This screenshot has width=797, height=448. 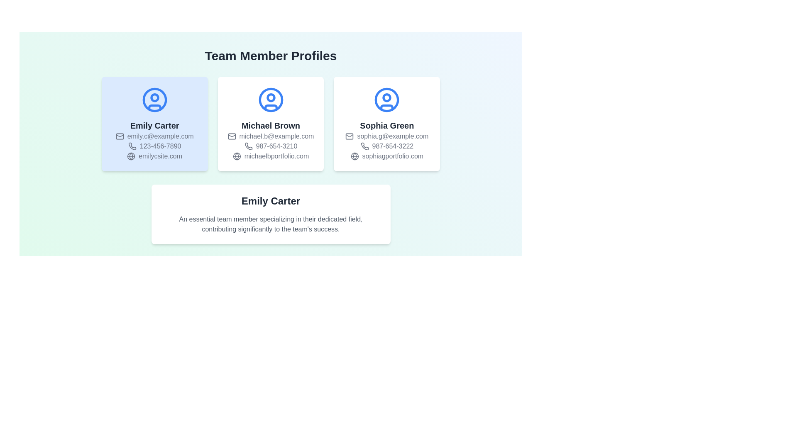 What do you see at coordinates (386, 99) in the screenshot?
I see `the user icon located at the top center of the profile card for 'Sophia Green' in the 'Team Member Profiles' section` at bounding box center [386, 99].